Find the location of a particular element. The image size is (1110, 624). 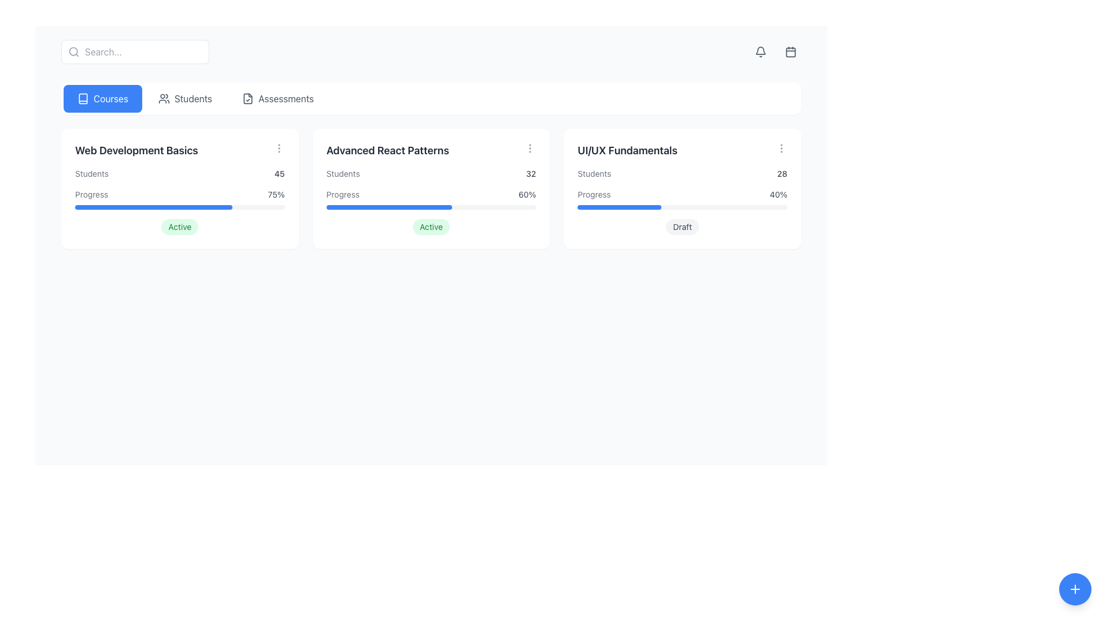

the visual progress bar located in the third card of the row, positioned underneath the text 'Students 28' and above the 'Draft' badge is located at coordinates (682, 198).